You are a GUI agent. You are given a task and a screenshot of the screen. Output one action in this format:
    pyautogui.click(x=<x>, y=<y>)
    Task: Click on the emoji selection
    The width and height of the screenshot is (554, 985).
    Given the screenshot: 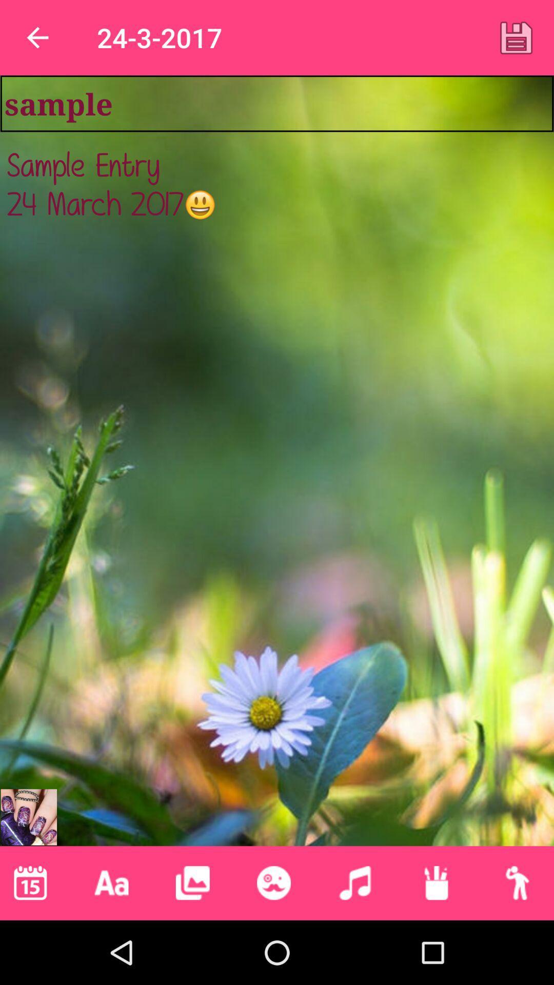 What is the action you would take?
    pyautogui.click(x=273, y=882)
    